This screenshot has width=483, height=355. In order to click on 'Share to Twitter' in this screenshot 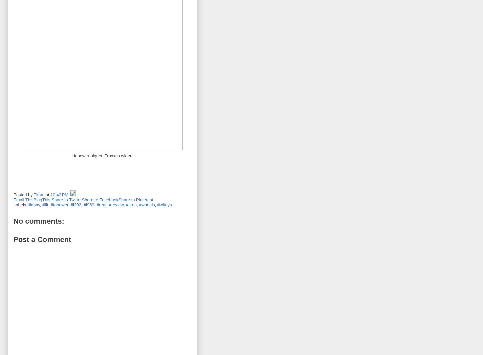, I will do `click(51, 199)`.